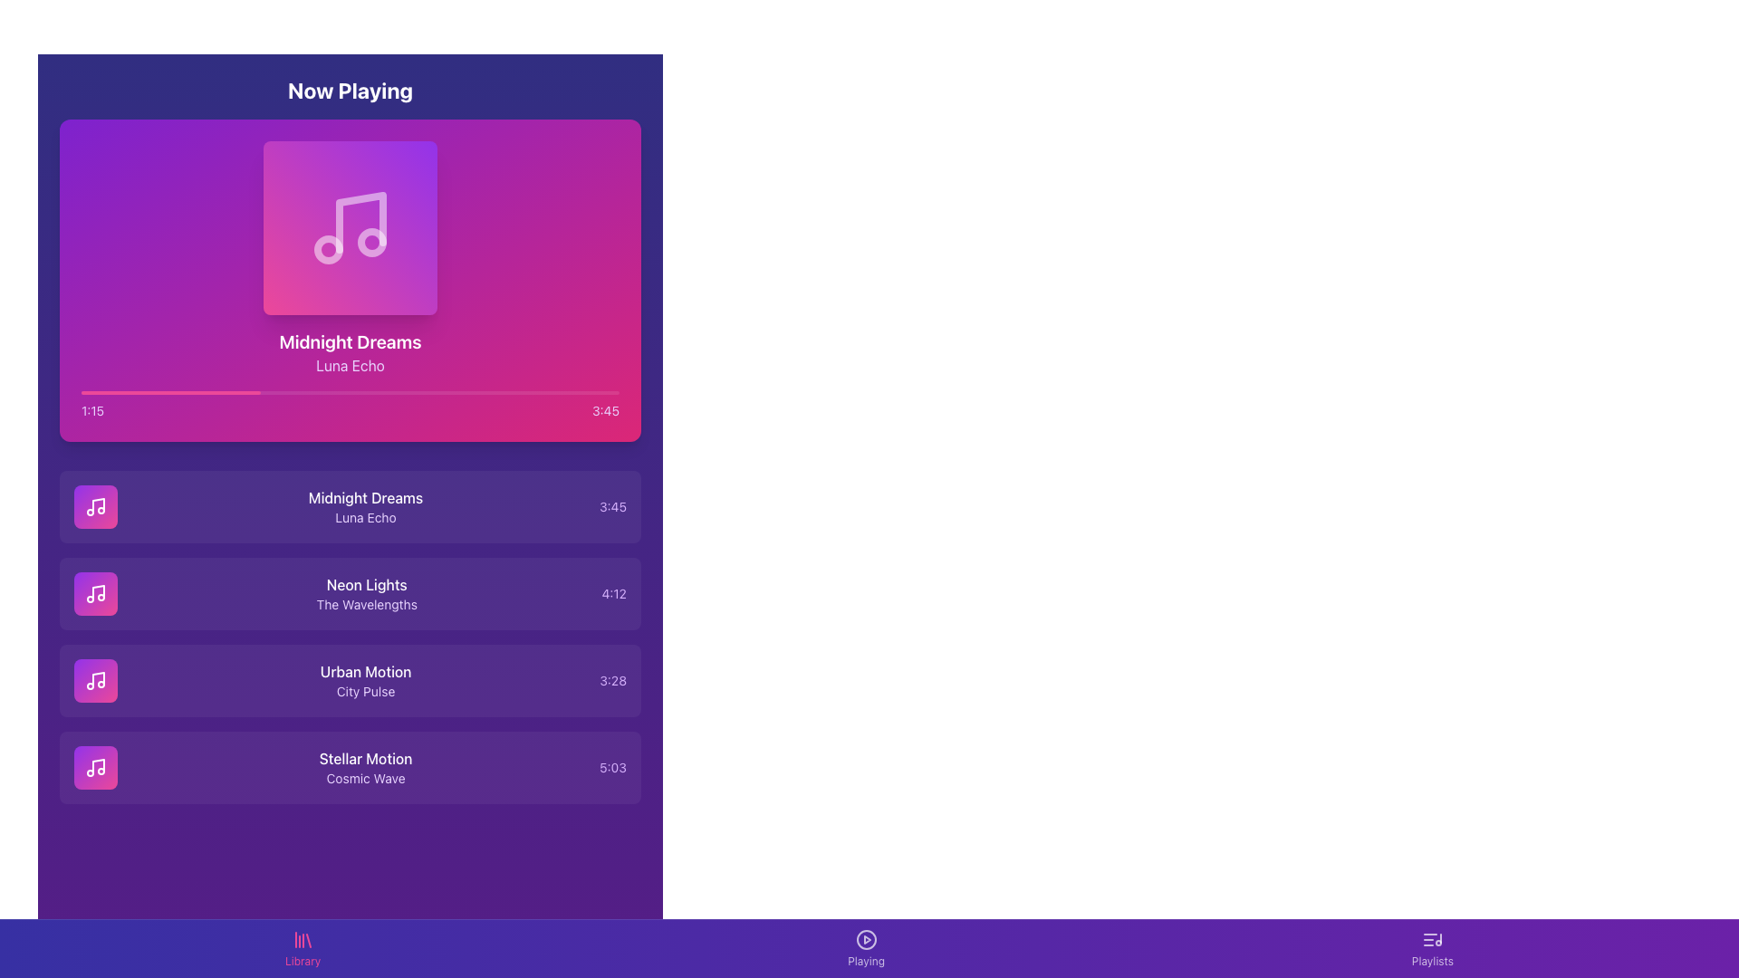  I want to click on the circular play button icon located in the bottom navigation bar, centered above the 'Playing' label, so click(865, 938).